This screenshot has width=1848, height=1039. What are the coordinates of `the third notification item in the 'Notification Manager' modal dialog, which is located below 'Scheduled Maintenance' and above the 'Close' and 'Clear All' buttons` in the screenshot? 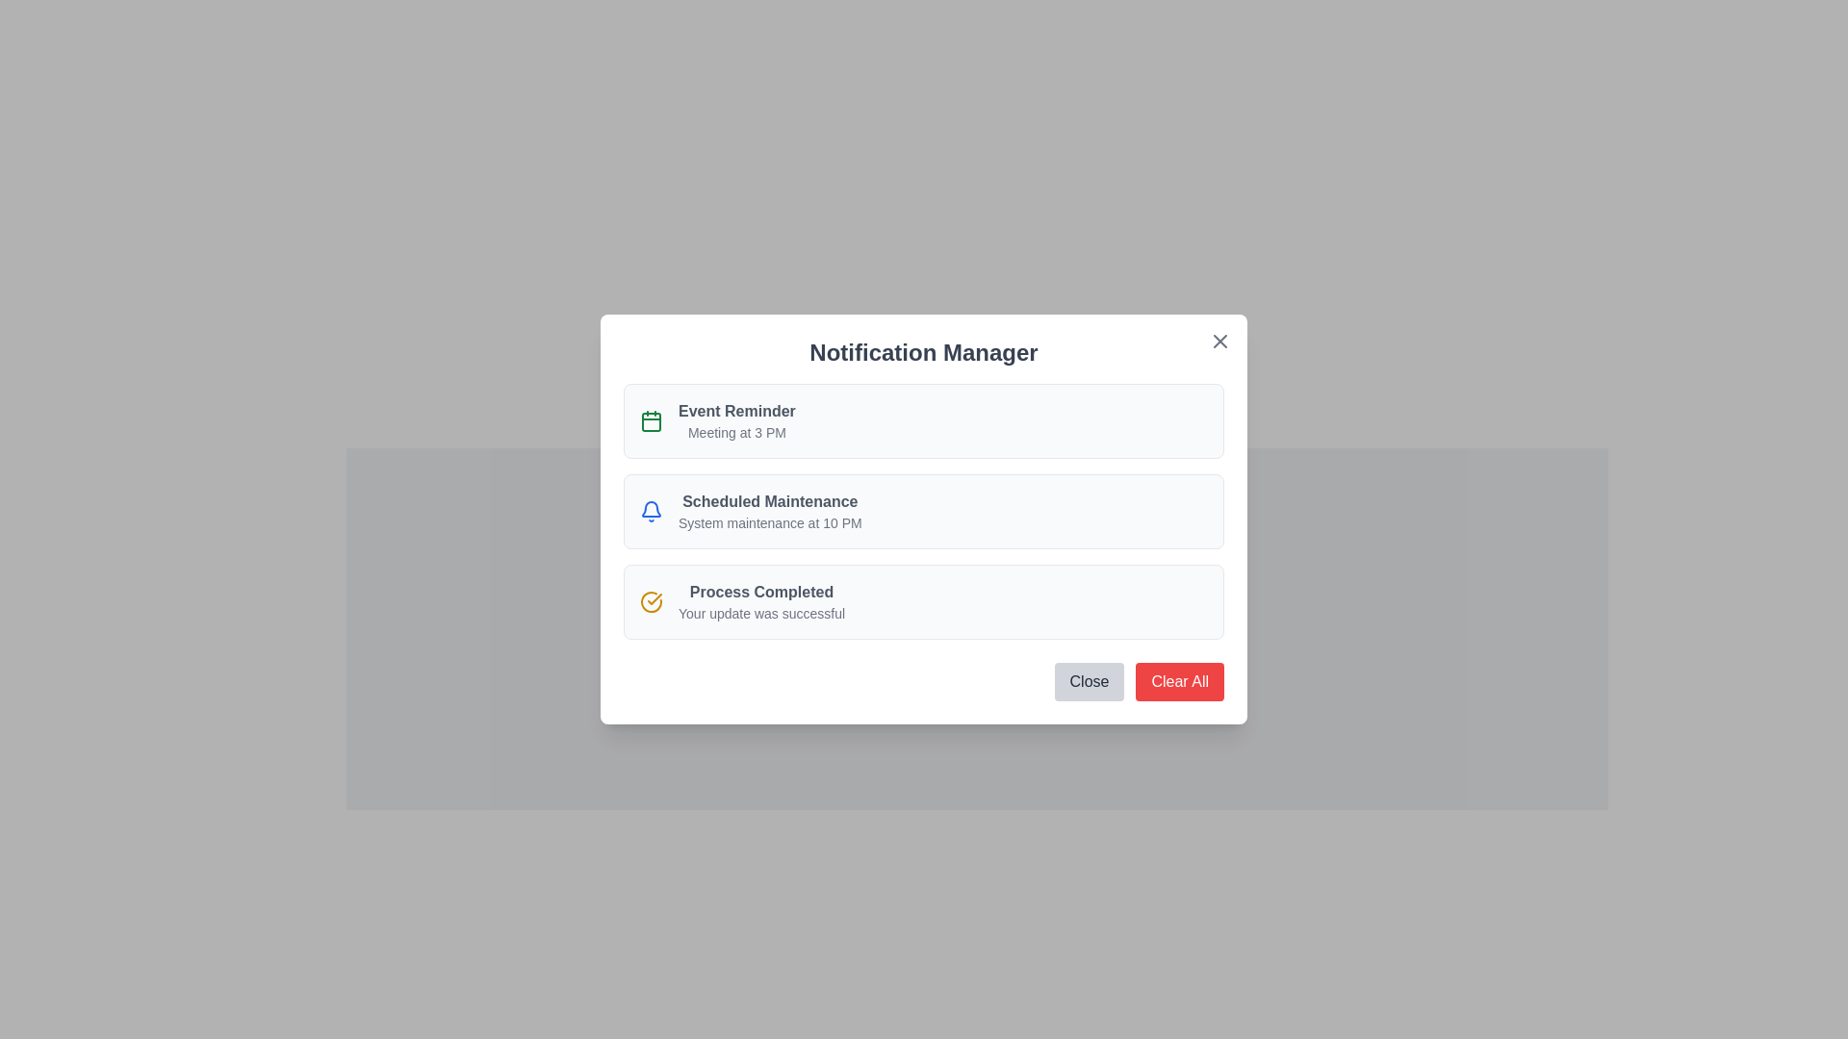 It's located at (924, 600).